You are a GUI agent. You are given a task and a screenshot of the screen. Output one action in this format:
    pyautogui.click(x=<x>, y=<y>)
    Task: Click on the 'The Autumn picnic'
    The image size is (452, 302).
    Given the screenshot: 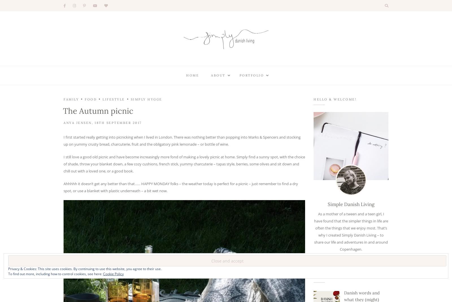 What is the action you would take?
    pyautogui.click(x=98, y=110)
    